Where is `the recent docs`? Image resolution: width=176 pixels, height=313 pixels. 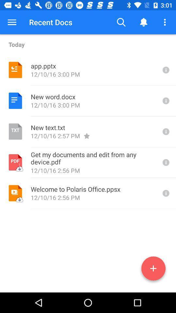
the recent docs is located at coordinates (50, 22).